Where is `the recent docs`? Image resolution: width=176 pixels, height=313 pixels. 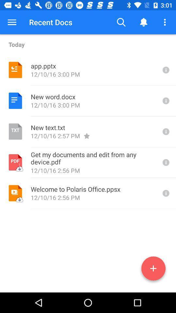
the recent docs is located at coordinates (50, 22).